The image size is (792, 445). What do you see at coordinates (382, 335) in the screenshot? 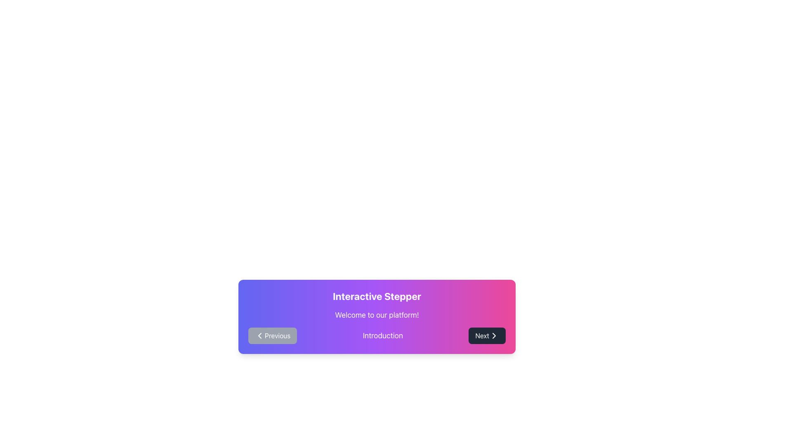
I see `the text label displaying 'Introduction', which is centrally positioned and styled in white against a gradient background` at bounding box center [382, 335].